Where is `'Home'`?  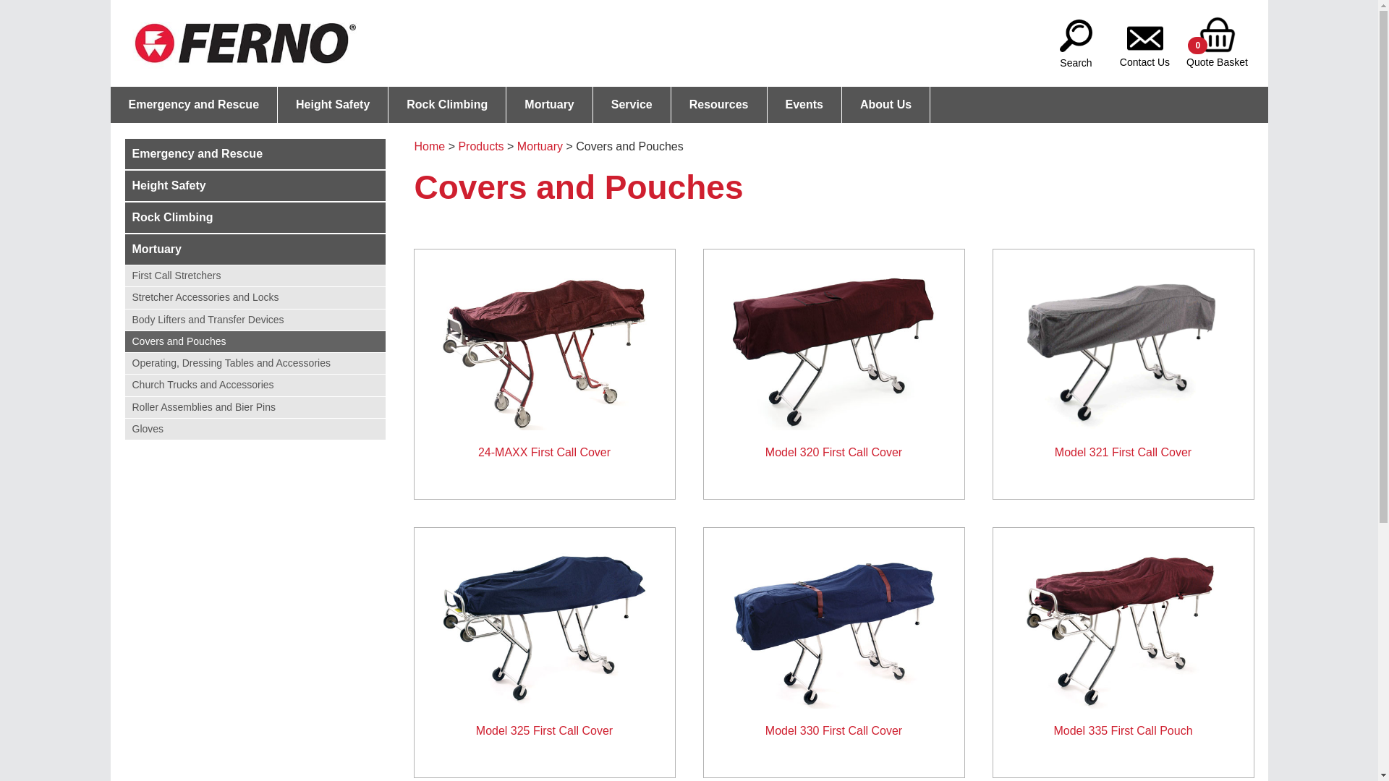 'Home' is located at coordinates (412, 146).